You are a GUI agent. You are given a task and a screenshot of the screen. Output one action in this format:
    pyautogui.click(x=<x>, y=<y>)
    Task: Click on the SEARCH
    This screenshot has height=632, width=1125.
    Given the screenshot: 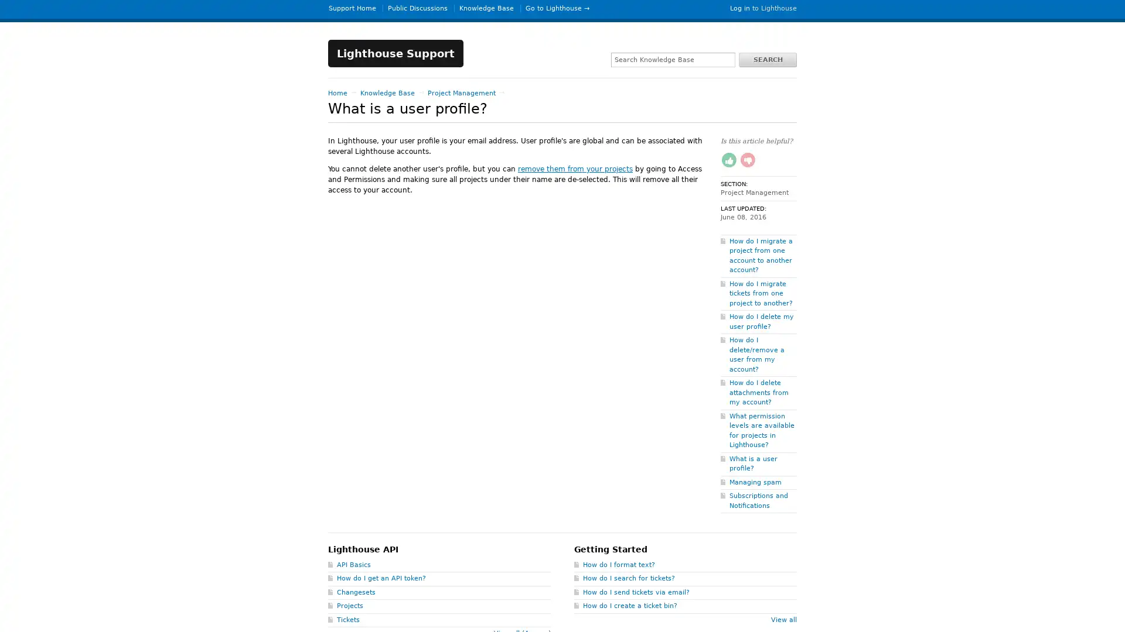 What is the action you would take?
    pyautogui.click(x=768, y=59)
    